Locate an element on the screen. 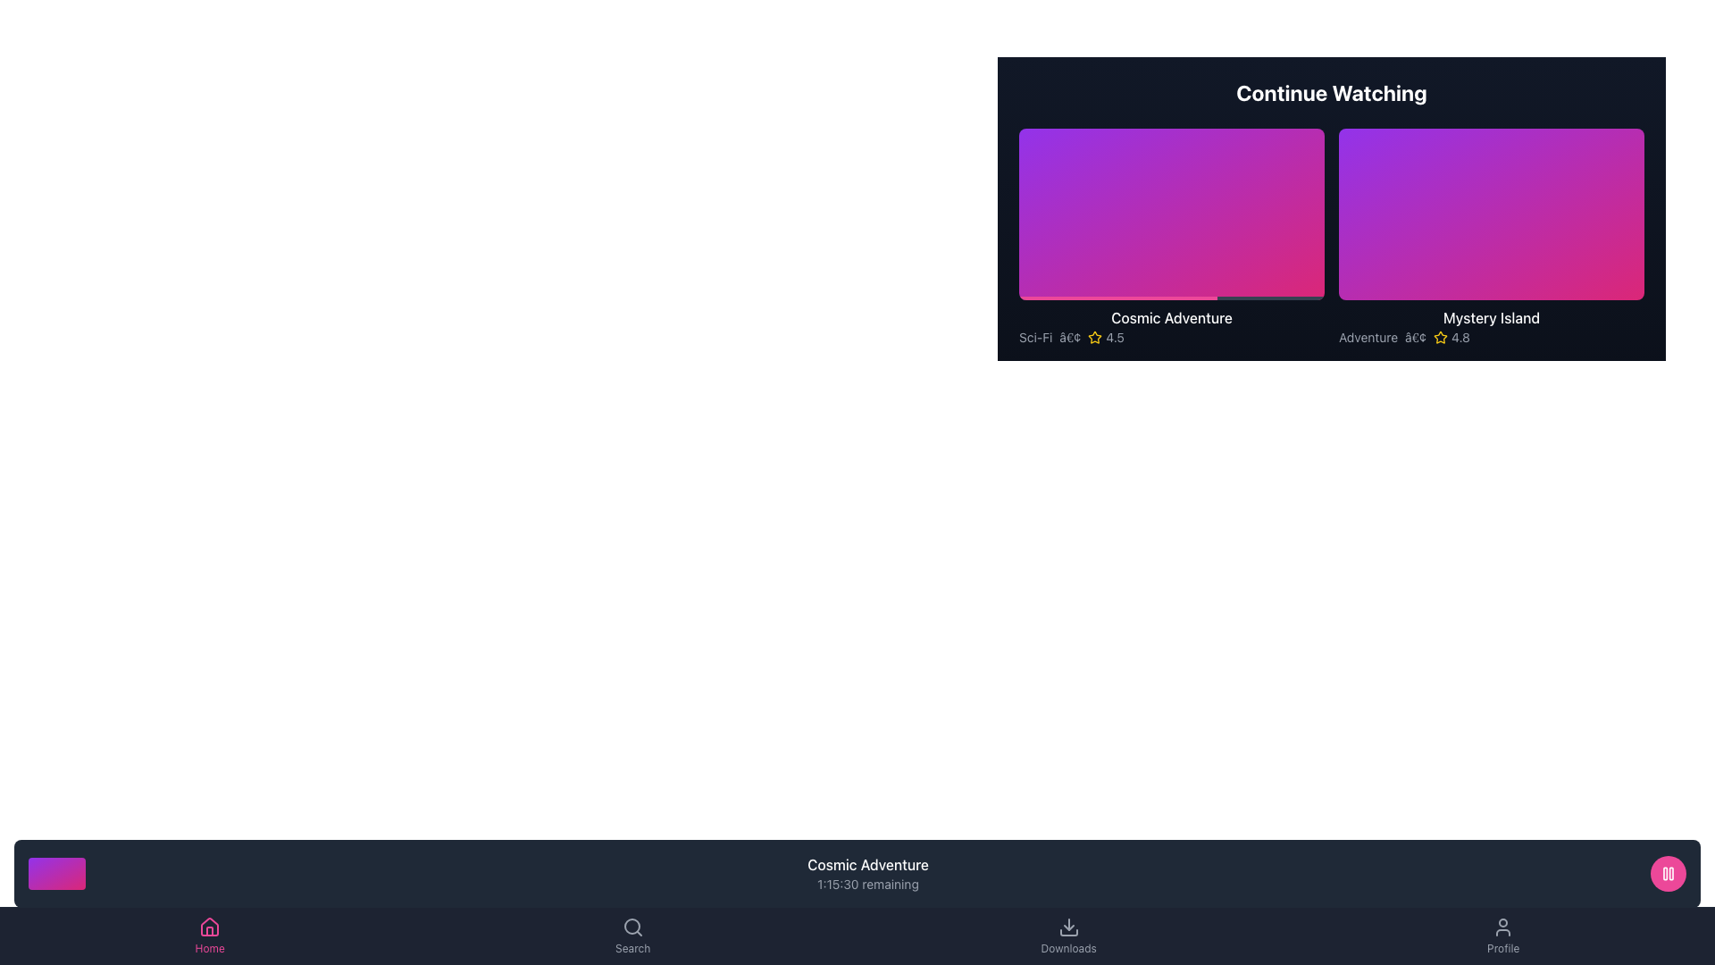  the clickable image panel representing the video thumbnail for 'Cosmic Adventure', located in the 'Continue Watching' section is located at coordinates (1171, 213).